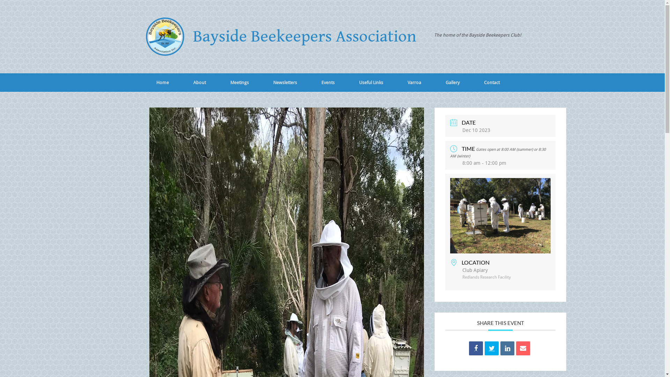 The image size is (670, 377). Describe the element at coordinates (371, 82) in the screenshot. I see `'Useful Links'` at that location.